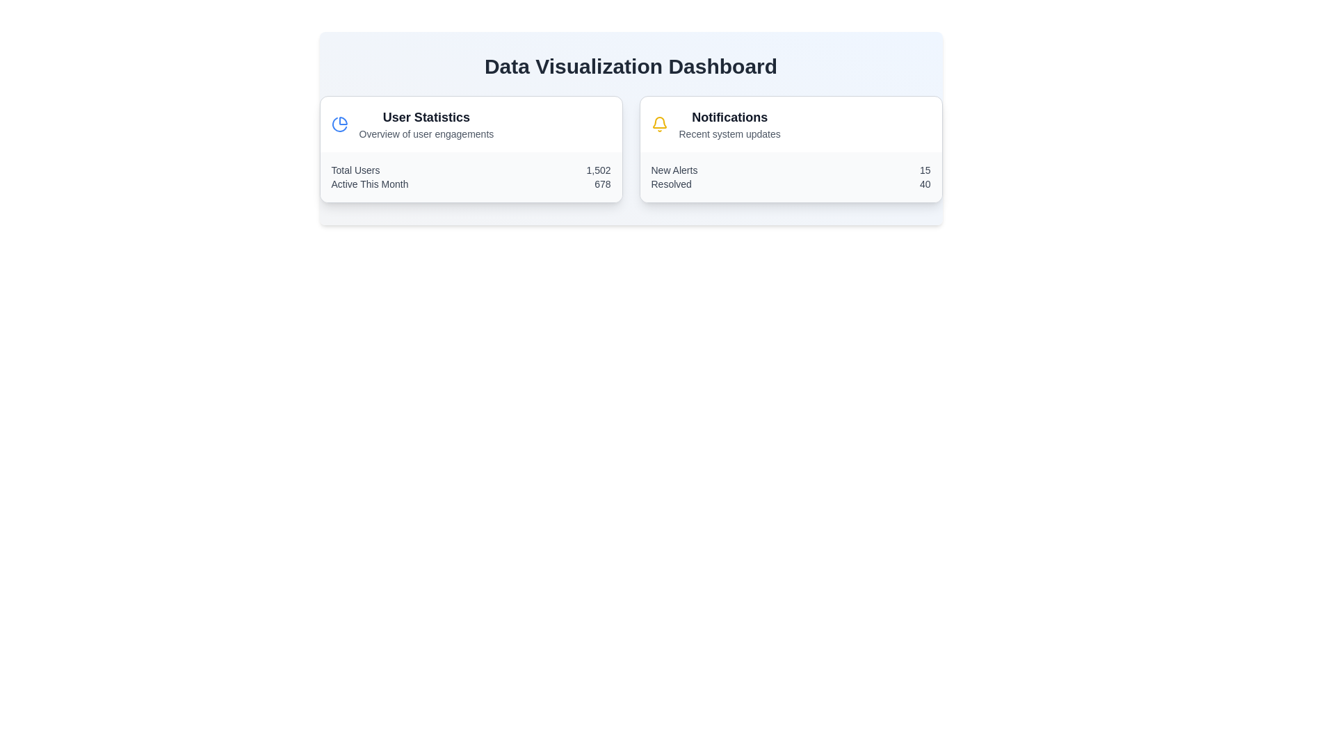 Image resolution: width=1335 pixels, height=751 pixels. I want to click on the dashboard card for User Statistics to view details, so click(471, 150).